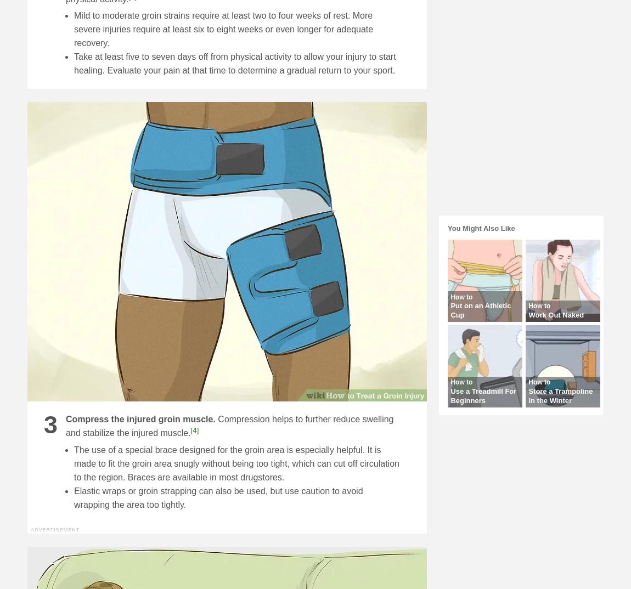  What do you see at coordinates (194, 429) in the screenshot?
I see `'[4]'` at bounding box center [194, 429].